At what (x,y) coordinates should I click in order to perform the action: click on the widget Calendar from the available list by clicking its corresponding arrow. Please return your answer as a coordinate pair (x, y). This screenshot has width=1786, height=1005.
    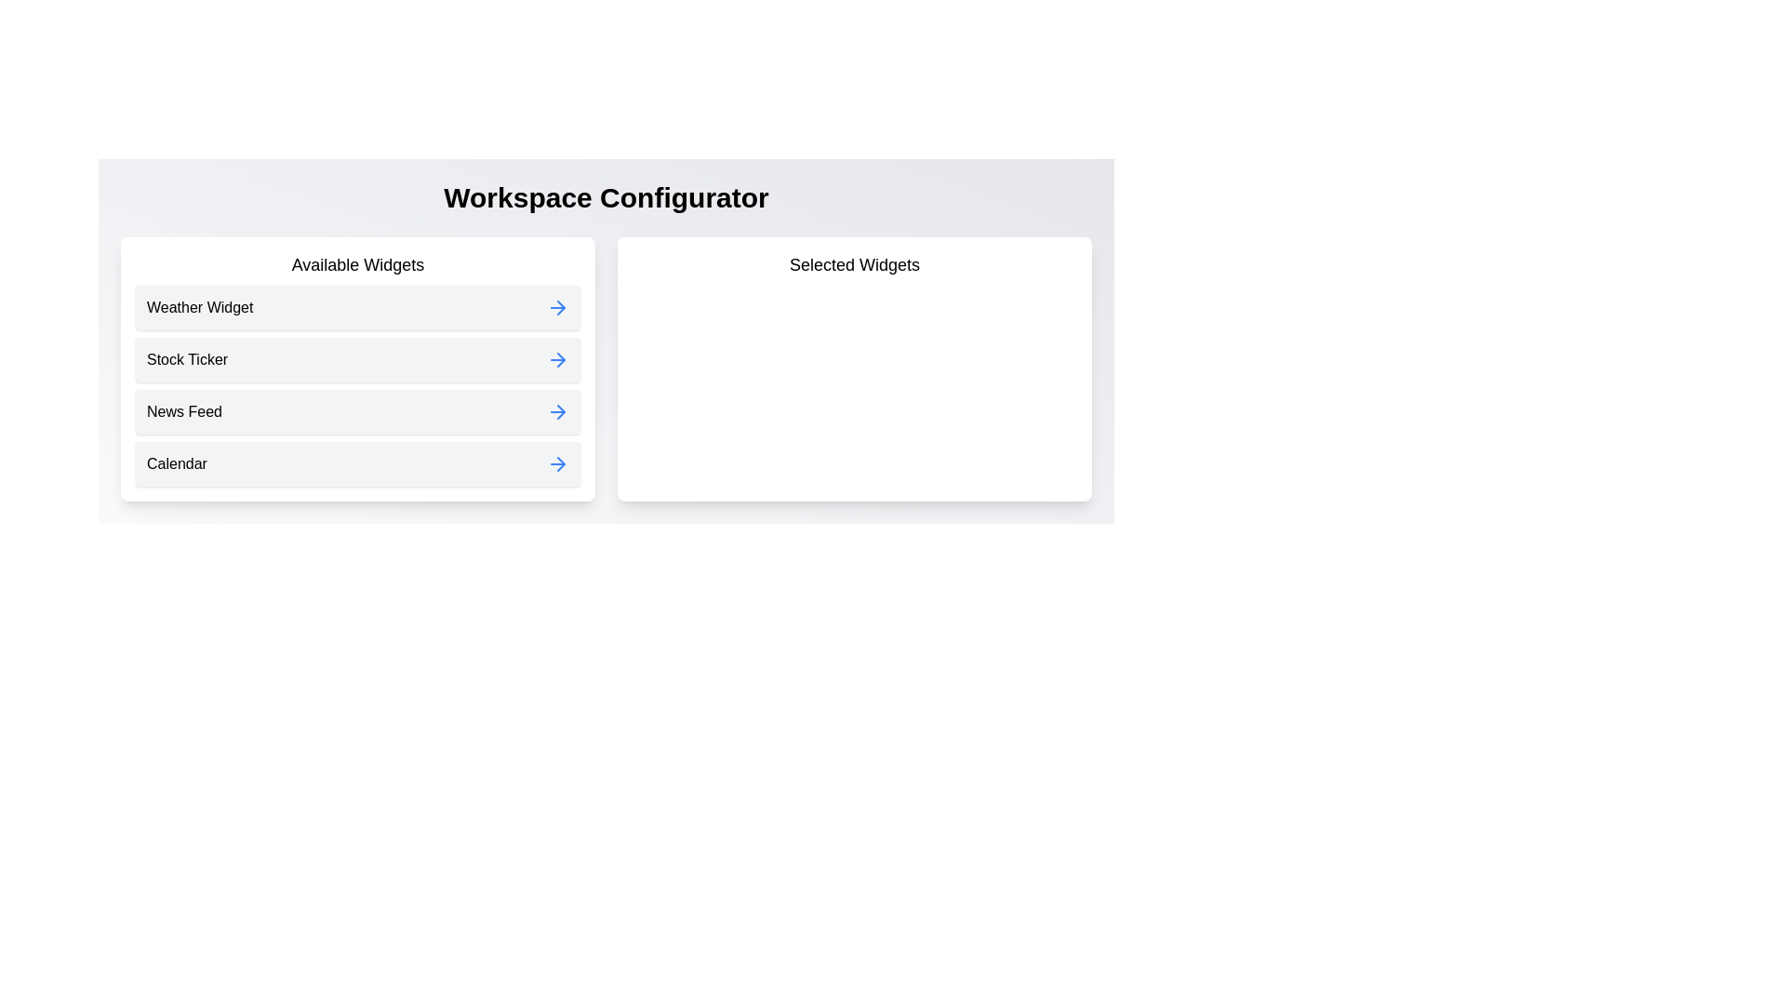
    Looking at the image, I should click on (557, 462).